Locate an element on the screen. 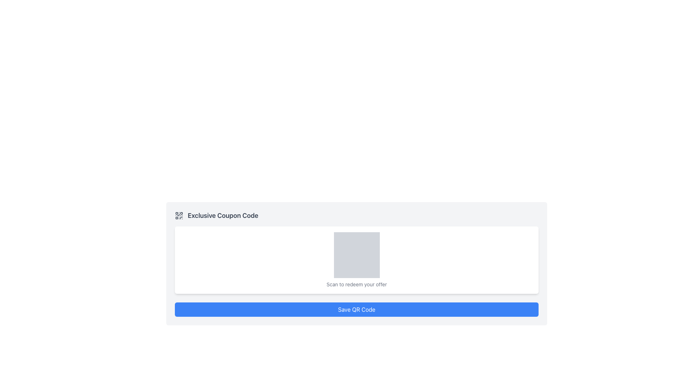  the QR code icon located to the left of the 'Exclusive Coupon Code' text at the top of the white card interface is located at coordinates (179, 215).